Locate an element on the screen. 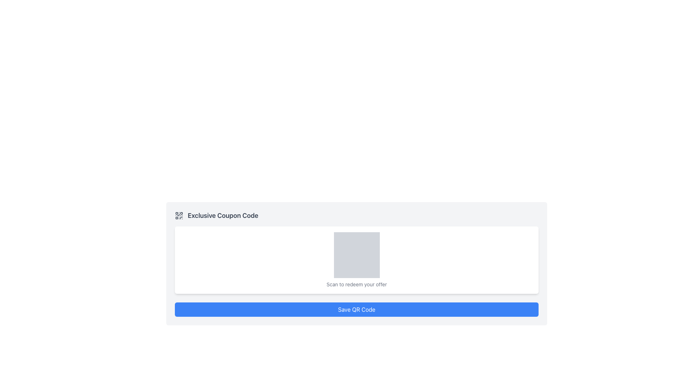  the QR code icon located to the left of the 'Exclusive Coupon Code' text at the top of the white card interface is located at coordinates (179, 215).